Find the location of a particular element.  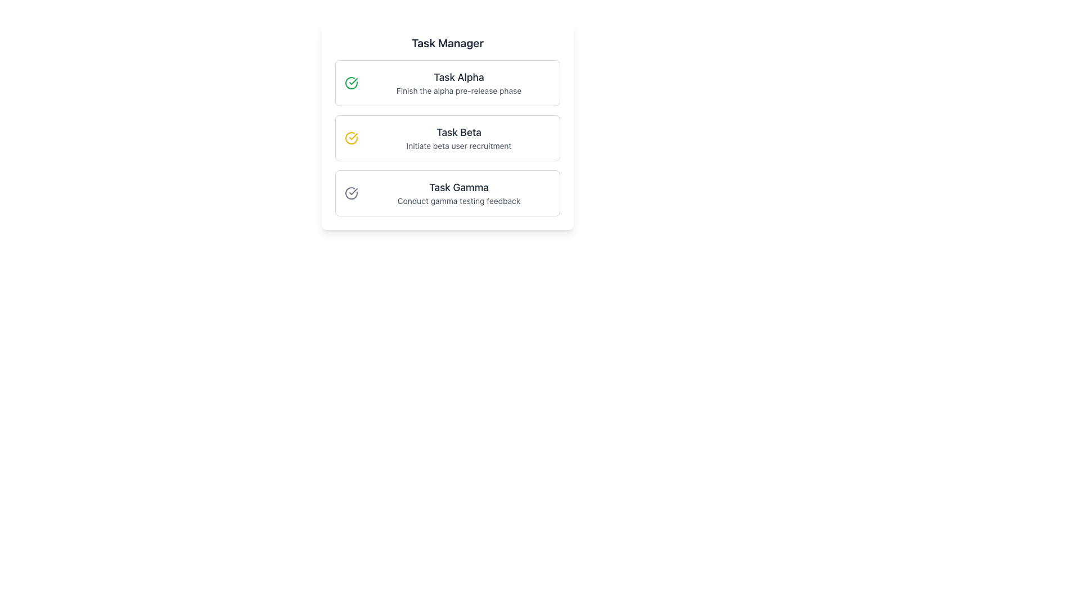

the second task card labeled 'Task Beta' in the task management interface is located at coordinates (447, 138).